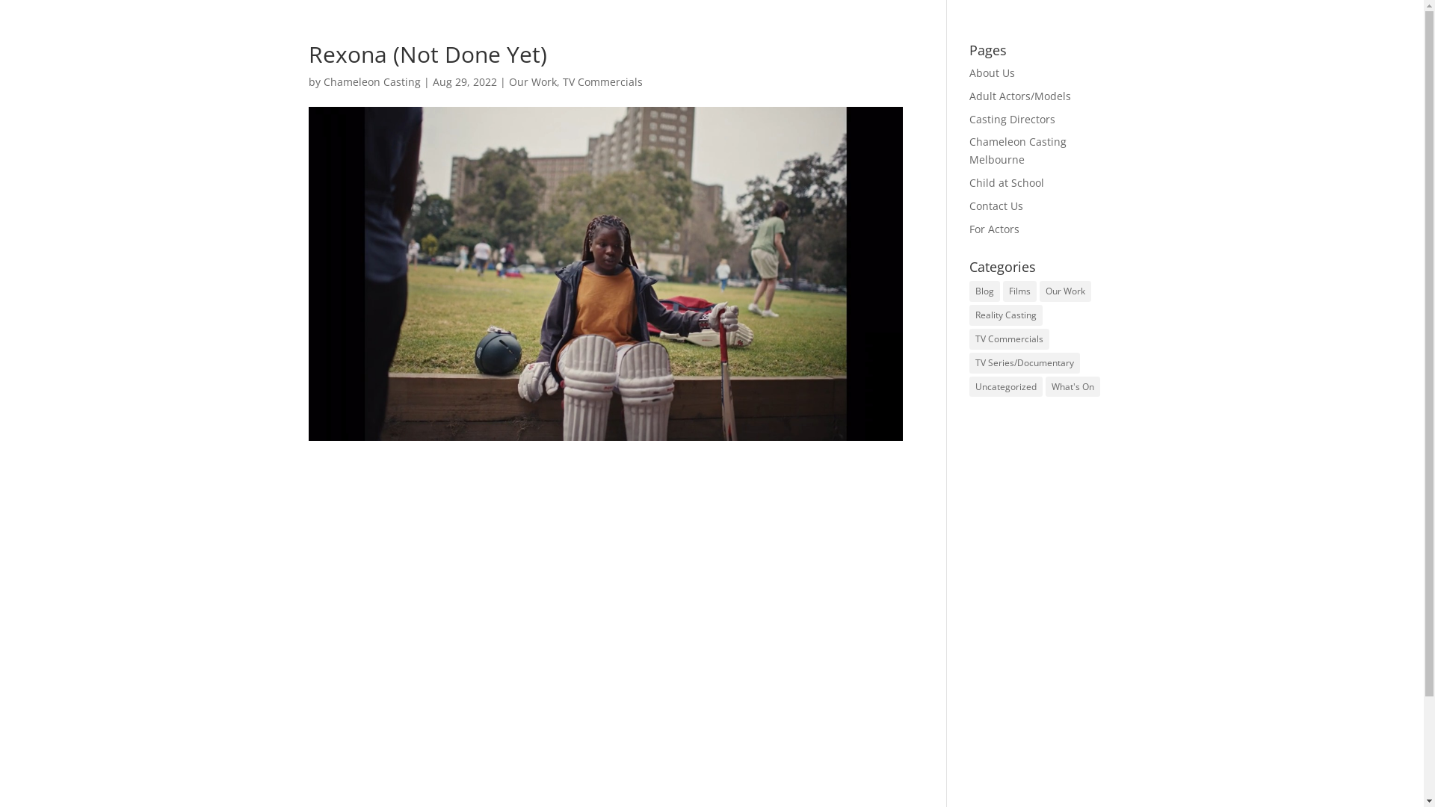 The height and width of the screenshot is (807, 1435). What do you see at coordinates (1007, 182) in the screenshot?
I see `'Child at School'` at bounding box center [1007, 182].